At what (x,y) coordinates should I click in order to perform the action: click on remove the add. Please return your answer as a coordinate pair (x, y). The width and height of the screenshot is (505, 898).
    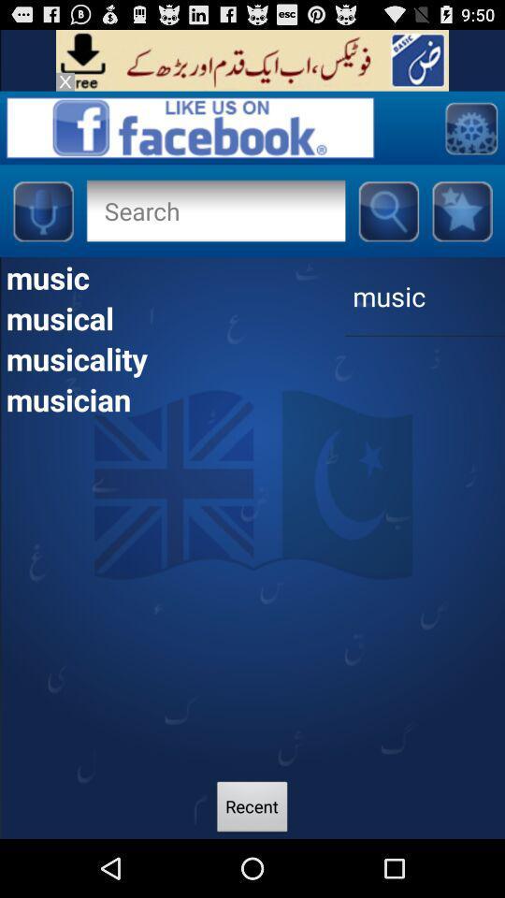
    Looking at the image, I should click on (64, 81).